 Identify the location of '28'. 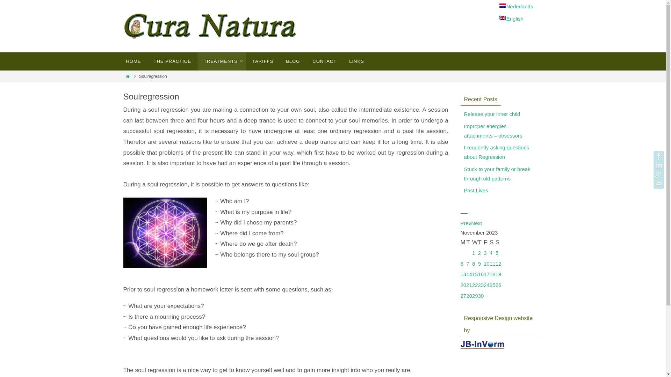
(469, 296).